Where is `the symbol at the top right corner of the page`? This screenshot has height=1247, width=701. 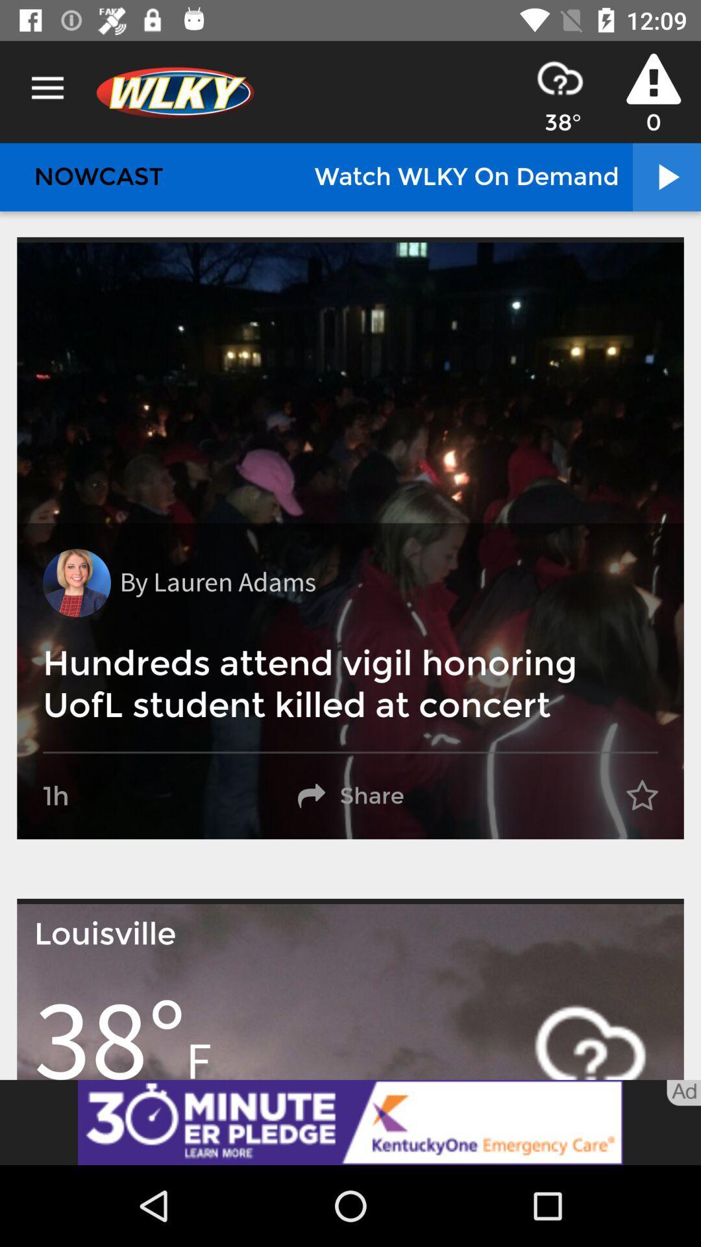 the symbol at the top right corner of the page is located at coordinates (653, 78).